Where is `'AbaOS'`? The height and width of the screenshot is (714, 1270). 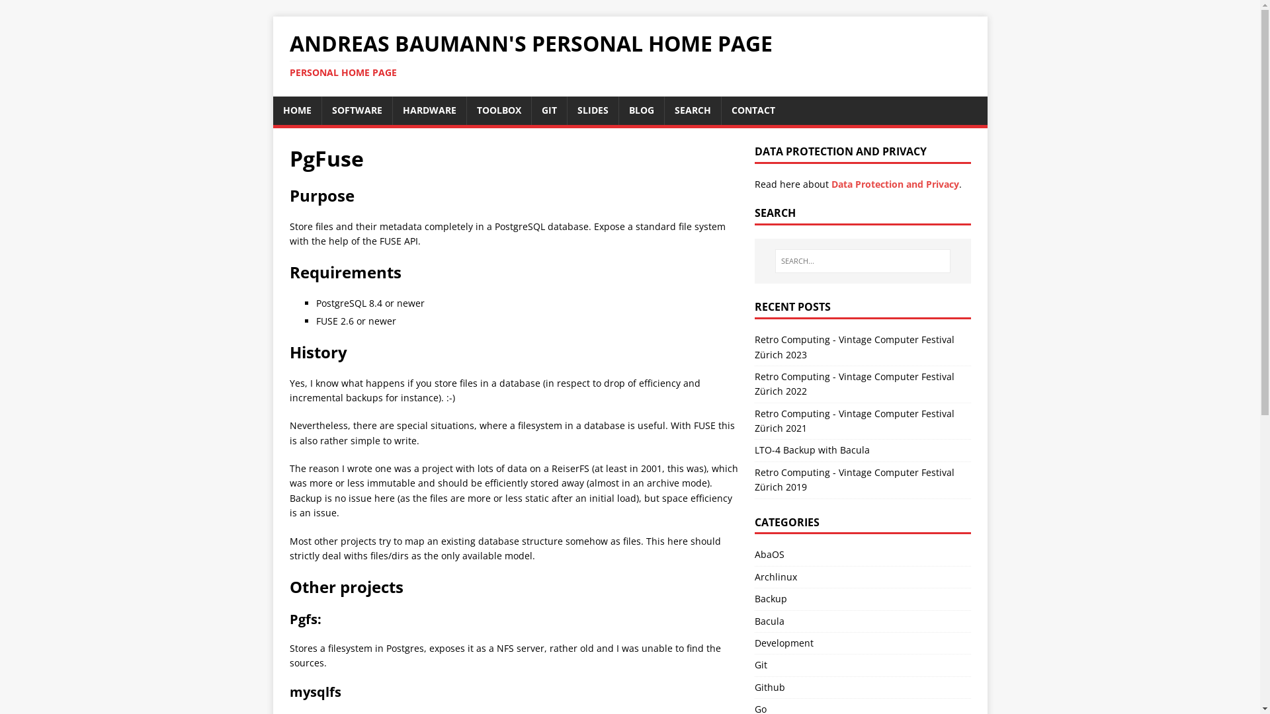
'AbaOS' is located at coordinates (769, 554).